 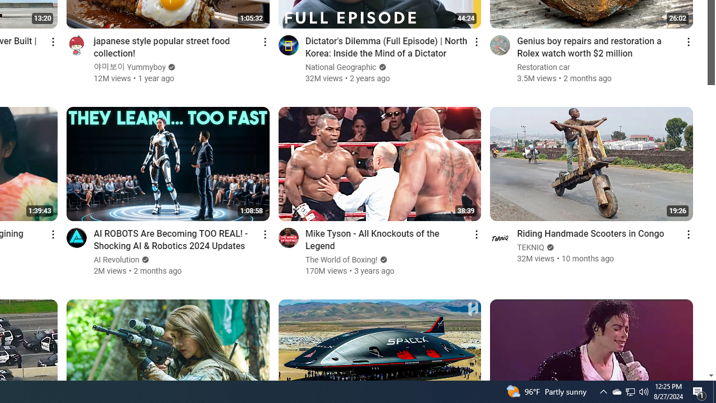 What do you see at coordinates (544, 67) in the screenshot?
I see `'Restoration car'` at bounding box center [544, 67].